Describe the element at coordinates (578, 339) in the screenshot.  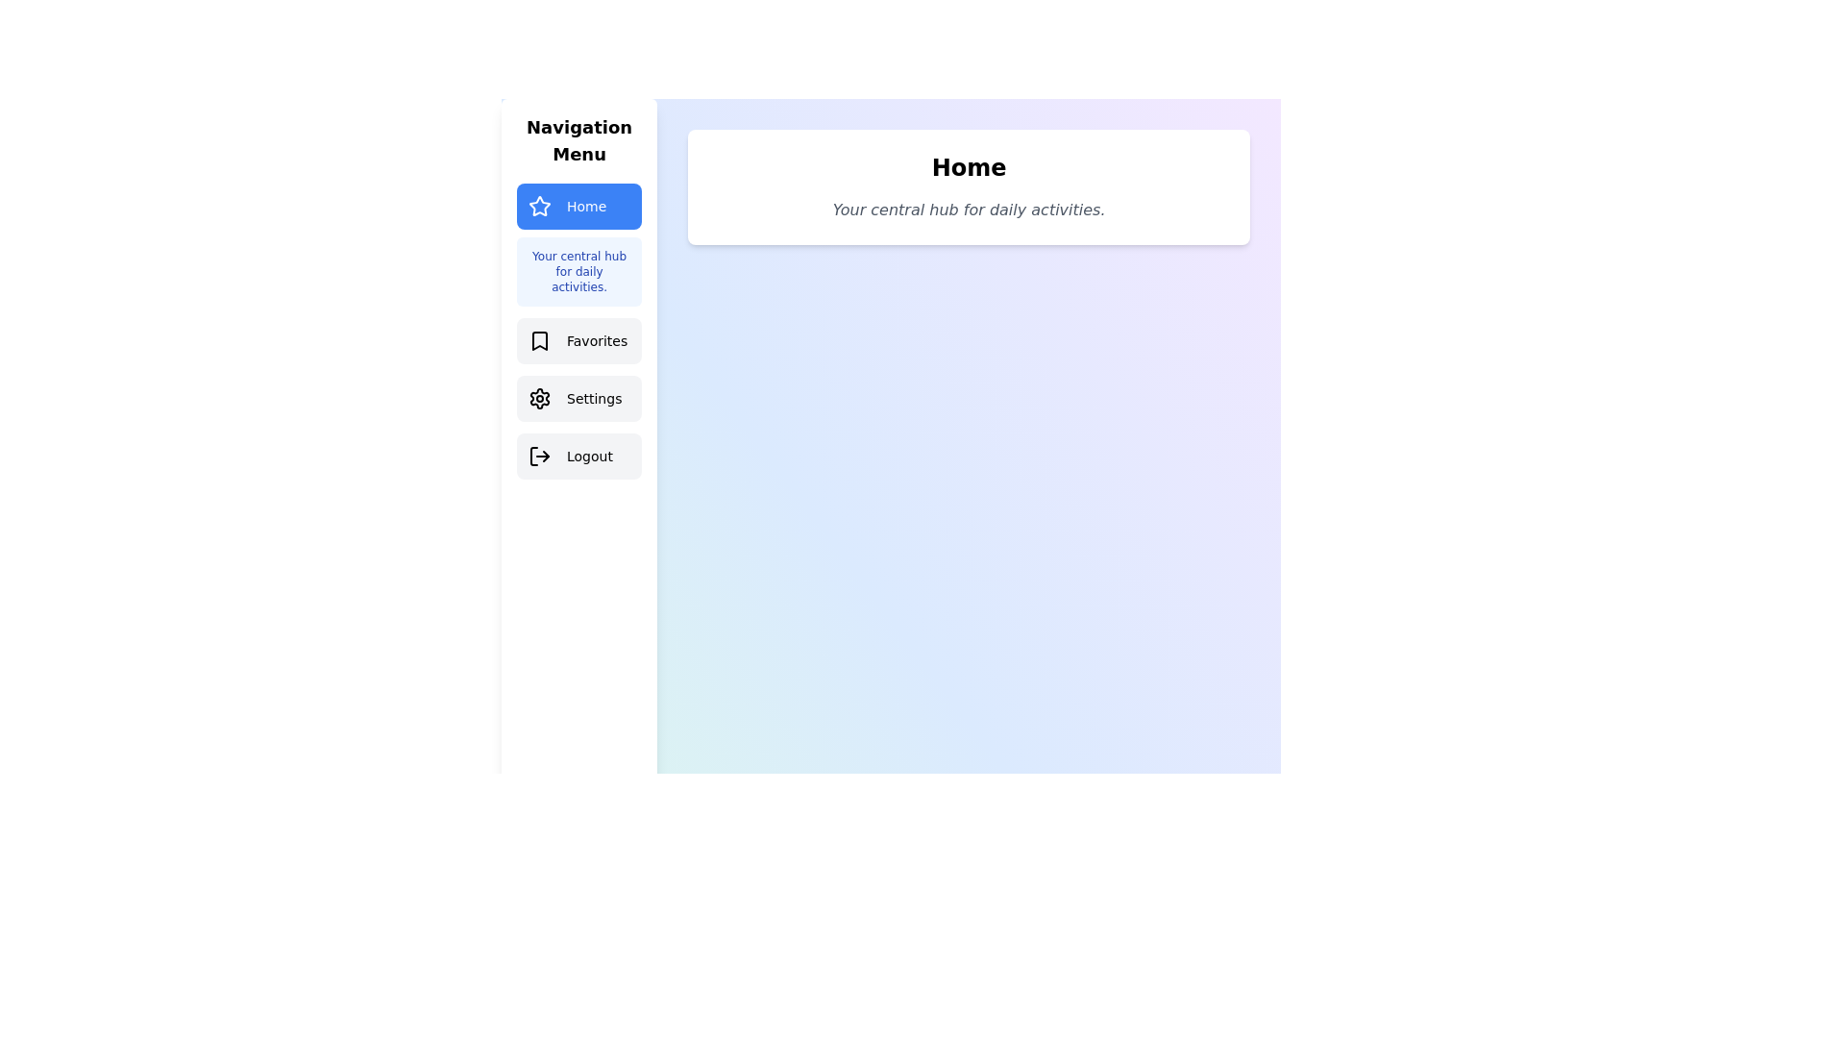
I see `the Favorites tab from the navigation menu` at that location.